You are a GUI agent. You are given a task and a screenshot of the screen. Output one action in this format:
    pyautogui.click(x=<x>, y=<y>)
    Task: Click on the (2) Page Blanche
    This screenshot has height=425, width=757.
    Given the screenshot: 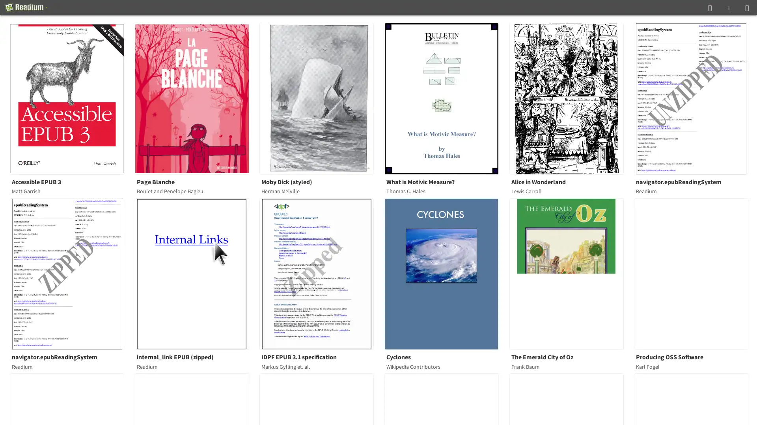 What is the action you would take?
    pyautogui.click(x=196, y=98)
    